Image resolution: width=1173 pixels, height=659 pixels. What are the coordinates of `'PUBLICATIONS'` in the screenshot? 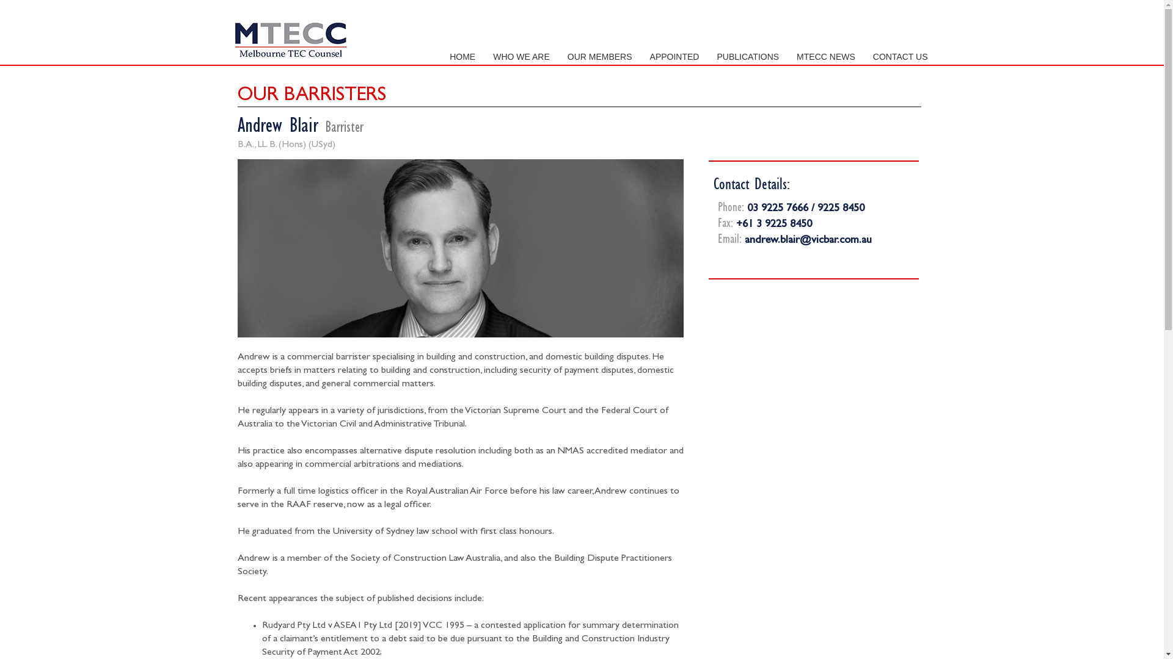 It's located at (747, 56).